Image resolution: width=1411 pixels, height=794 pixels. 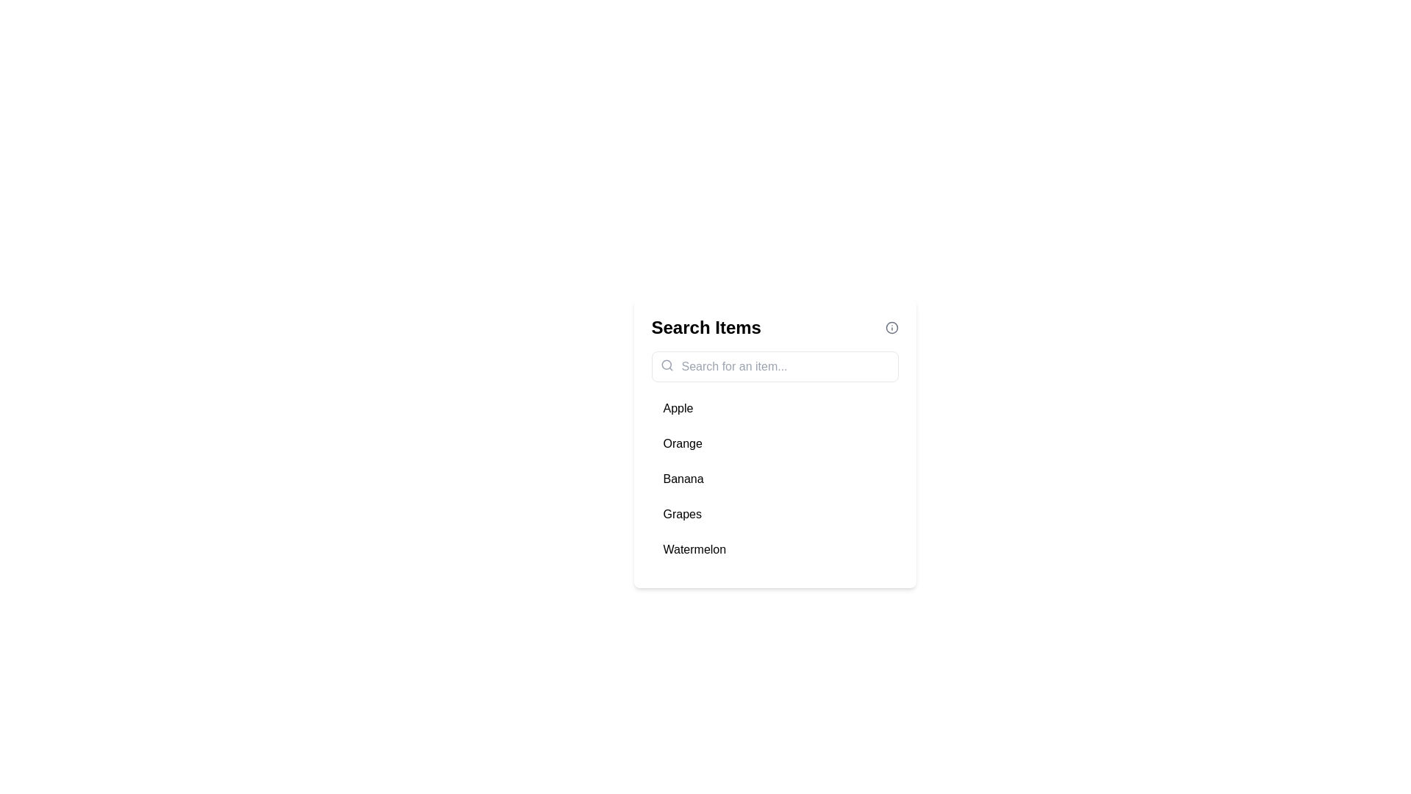 What do you see at coordinates (774, 479) in the screenshot?
I see `the item Banana from the list` at bounding box center [774, 479].